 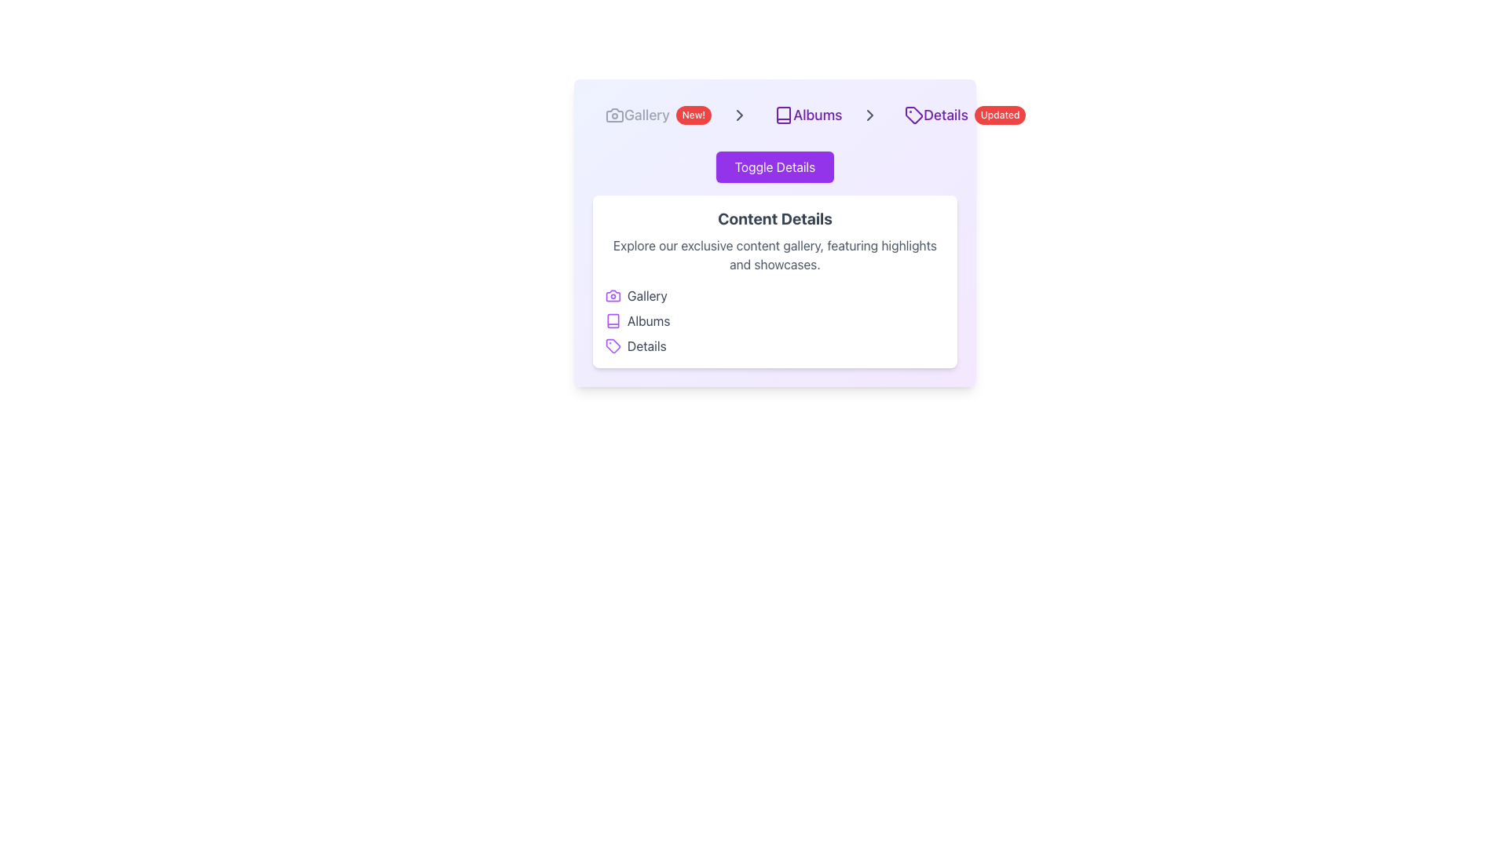 What do you see at coordinates (613, 296) in the screenshot?
I see `the small purple camera icon located to the left of the 'Gallery' text in the list of items` at bounding box center [613, 296].